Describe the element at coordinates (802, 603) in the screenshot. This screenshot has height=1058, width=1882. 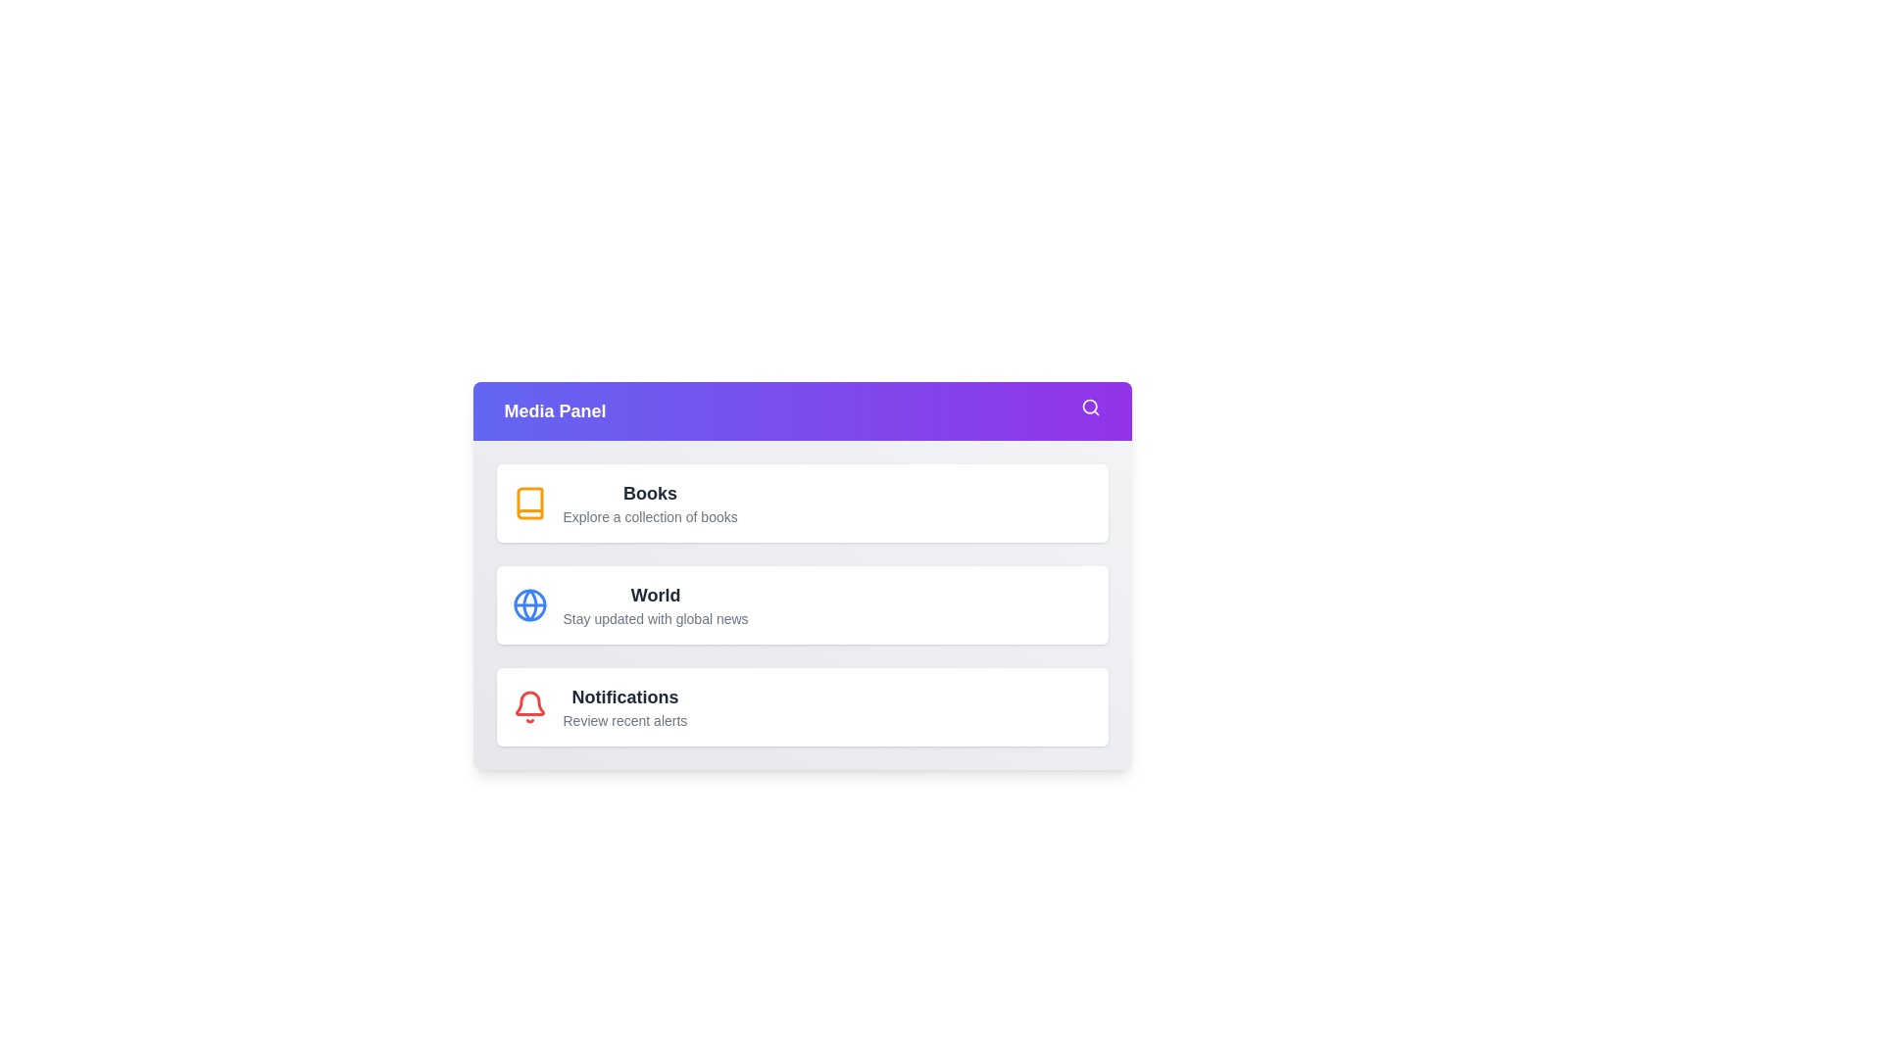
I see `the menu item World by clicking on it` at that location.